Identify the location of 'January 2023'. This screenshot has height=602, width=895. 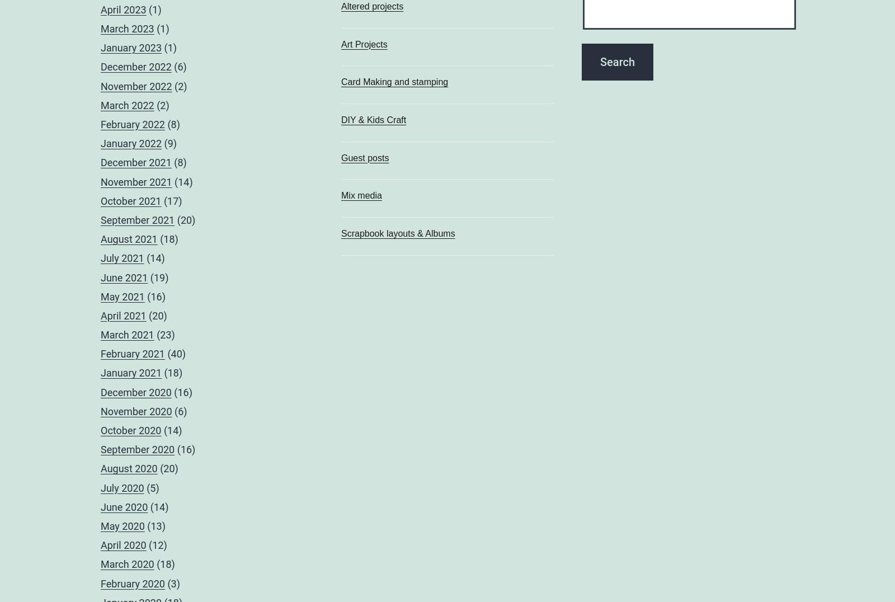
(100, 48).